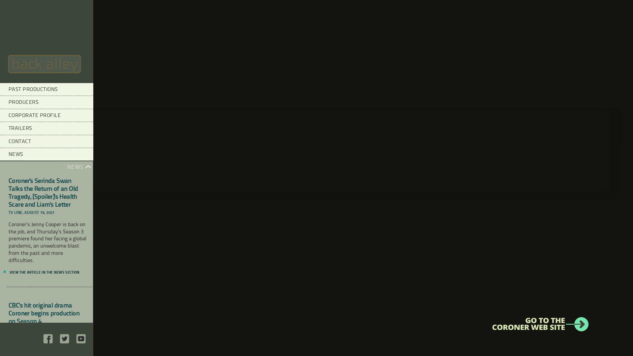  What do you see at coordinates (47, 341) in the screenshot?
I see `' '` at bounding box center [47, 341].